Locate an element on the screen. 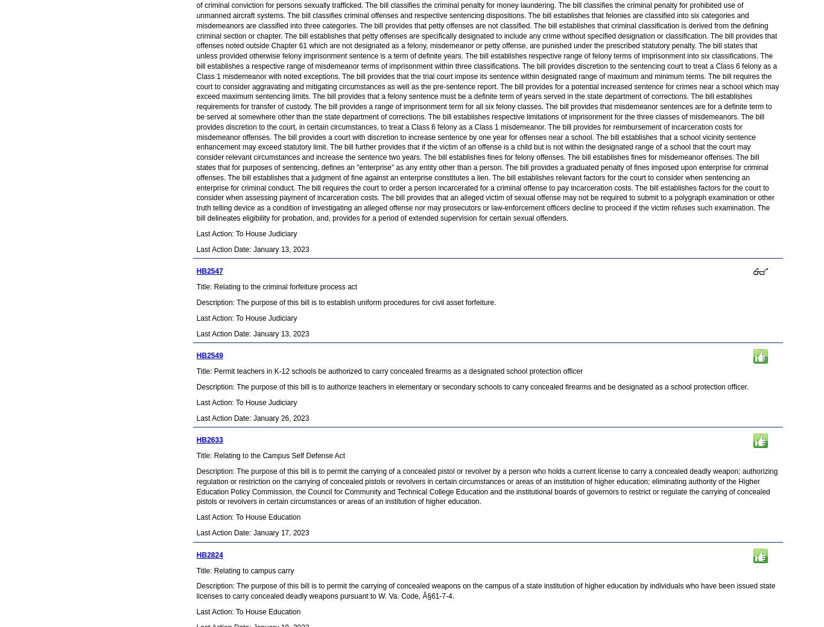  'HB2824' is located at coordinates (208, 554).